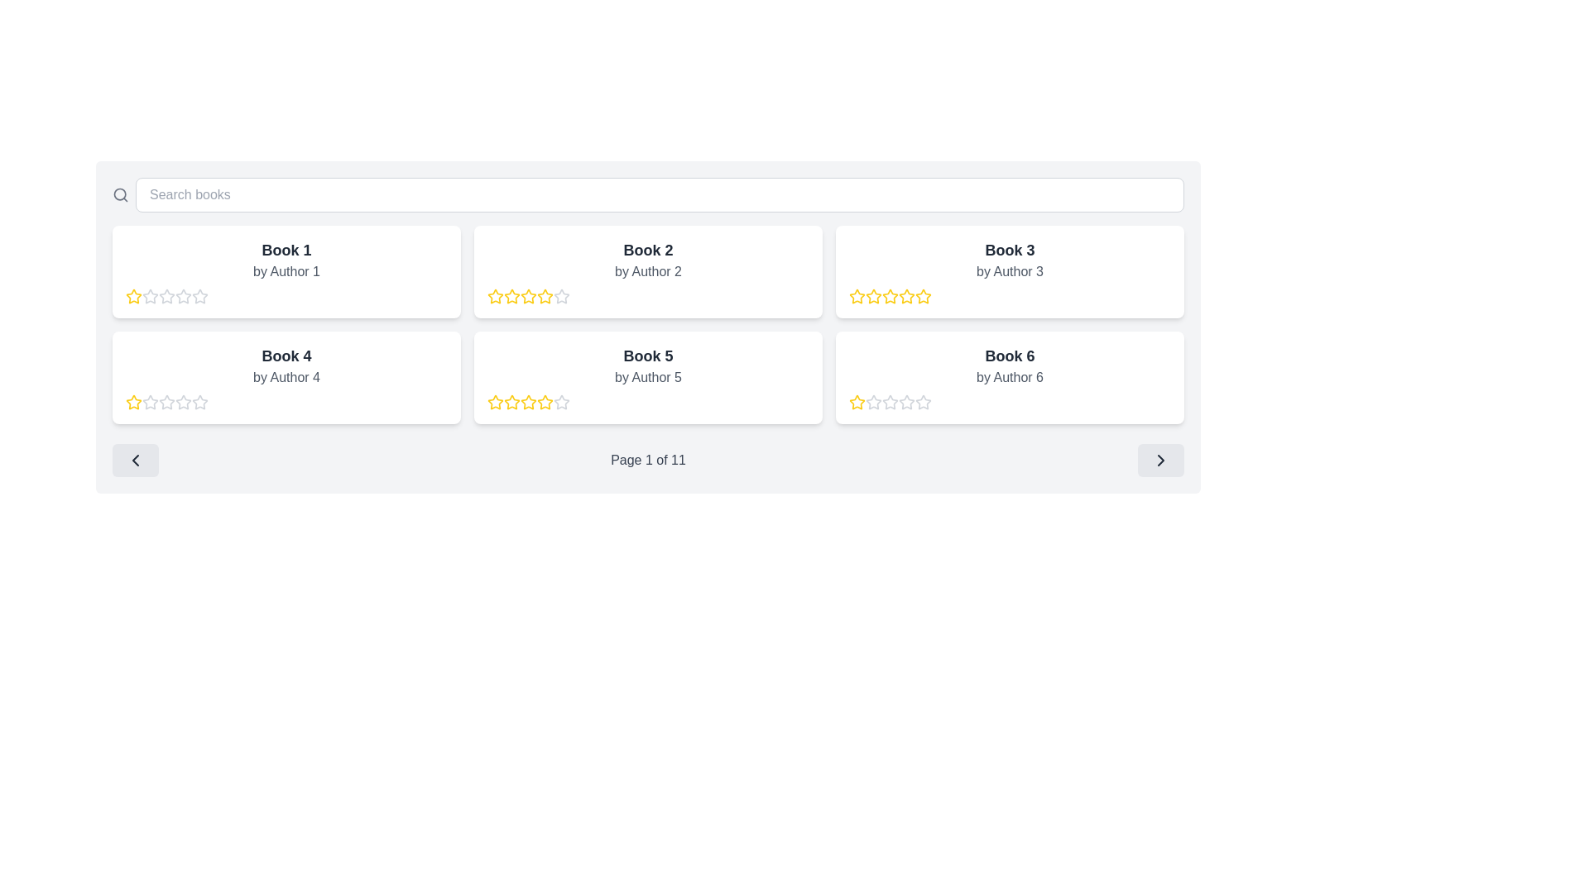 This screenshot has height=893, width=1589. I want to click on the fifth star icon with a yellow border in the rating system for 'Book 3 by Author 3', so click(905, 295).